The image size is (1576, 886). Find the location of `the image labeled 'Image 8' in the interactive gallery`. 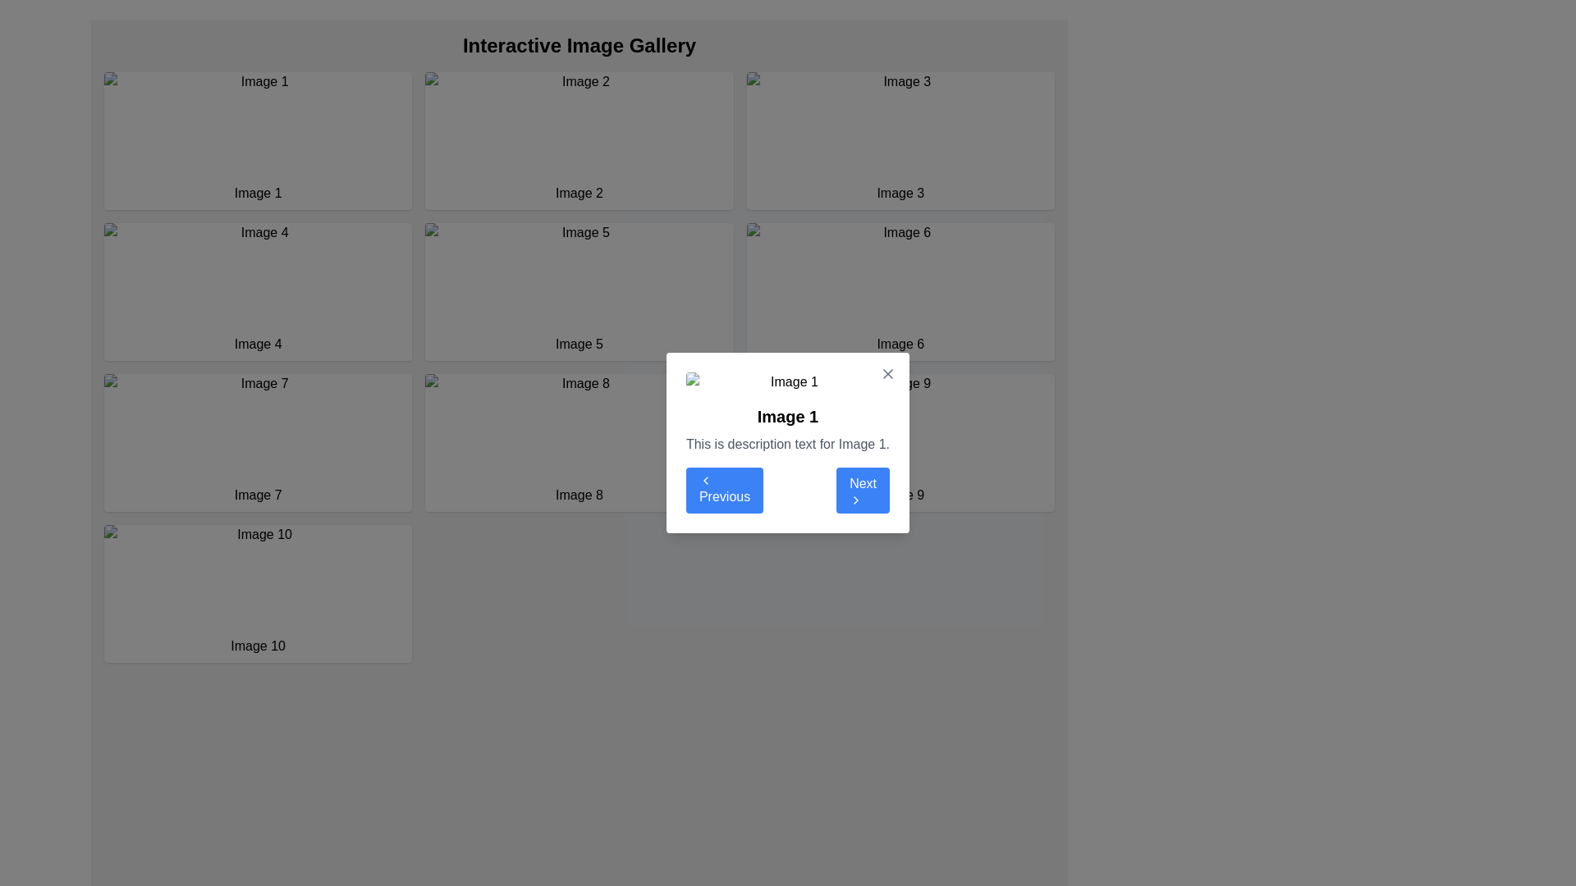

the image labeled 'Image 8' in the interactive gallery is located at coordinates (579, 426).